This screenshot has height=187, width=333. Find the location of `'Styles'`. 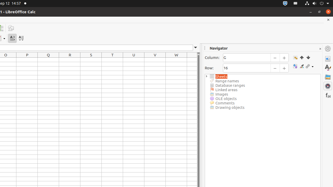

'Styles' is located at coordinates (328, 68).